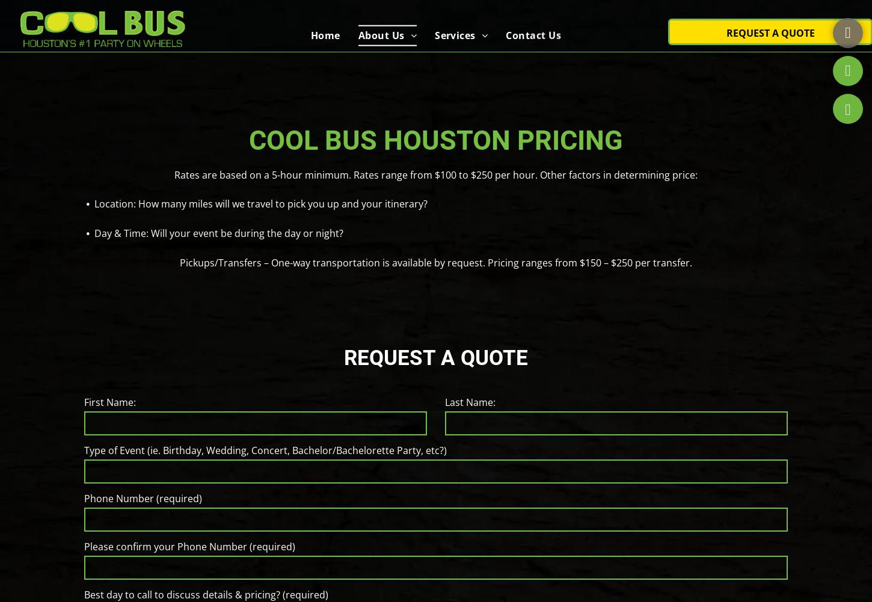 This screenshot has height=602, width=872. I want to click on 'Graduations', so click(473, 308).